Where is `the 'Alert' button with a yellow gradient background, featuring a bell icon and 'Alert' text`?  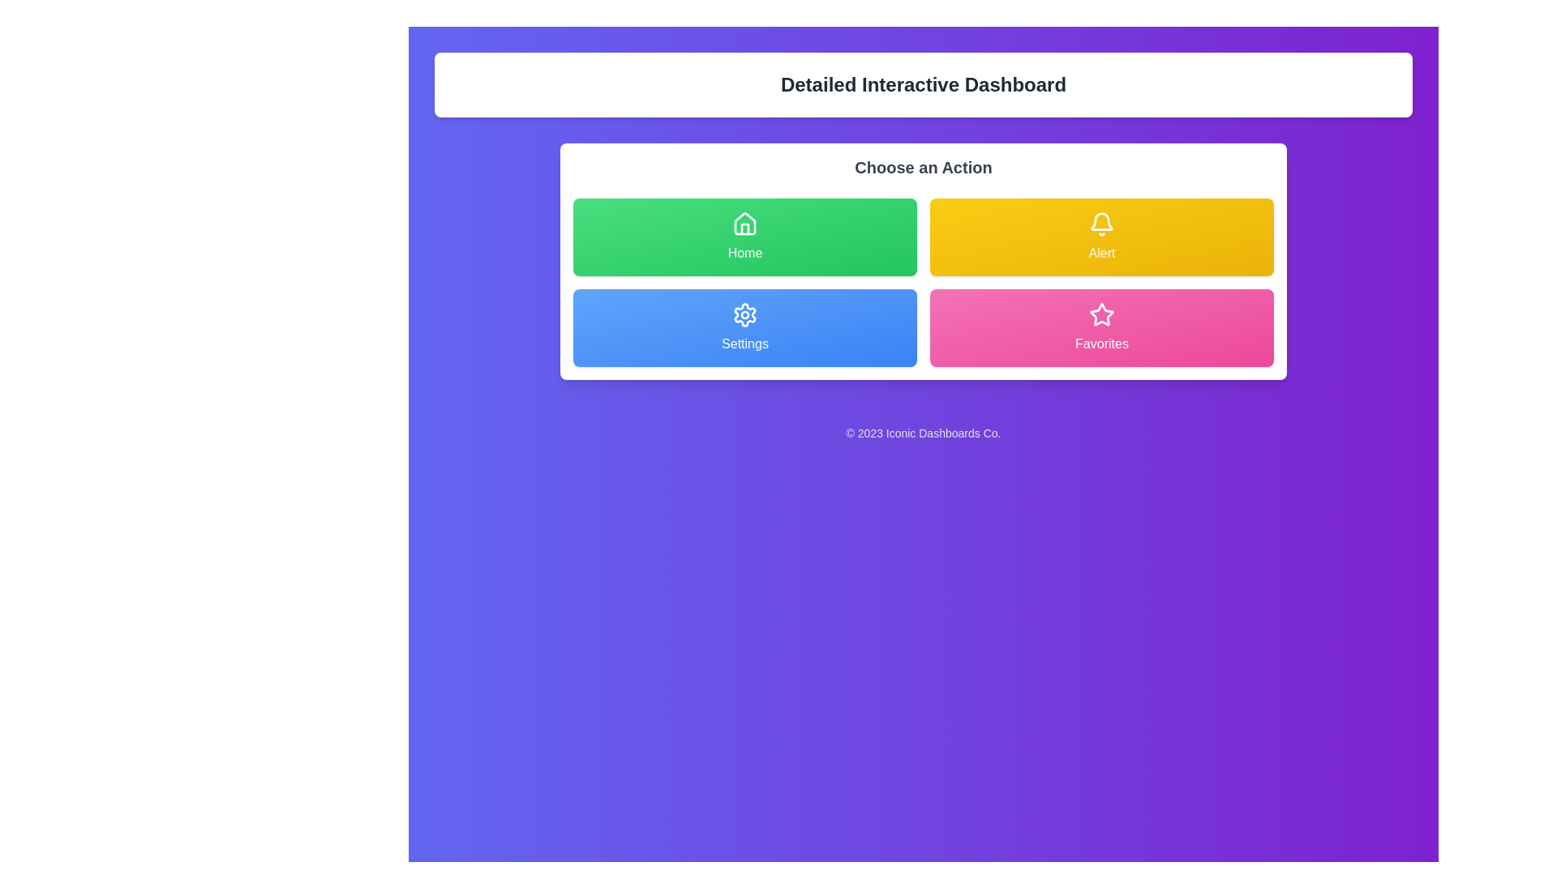
the 'Alert' button with a yellow gradient background, featuring a bell icon and 'Alert' text is located at coordinates (1101, 237).